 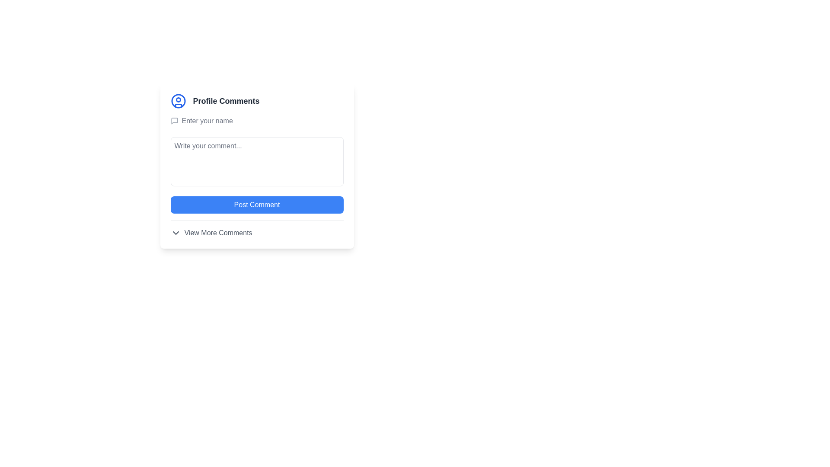 What do you see at coordinates (256, 101) in the screenshot?
I see `the Text label with an accompanying icon that serves as a heading for the comments section above the input labeled 'Enter your name'` at bounding box center [256, 101].